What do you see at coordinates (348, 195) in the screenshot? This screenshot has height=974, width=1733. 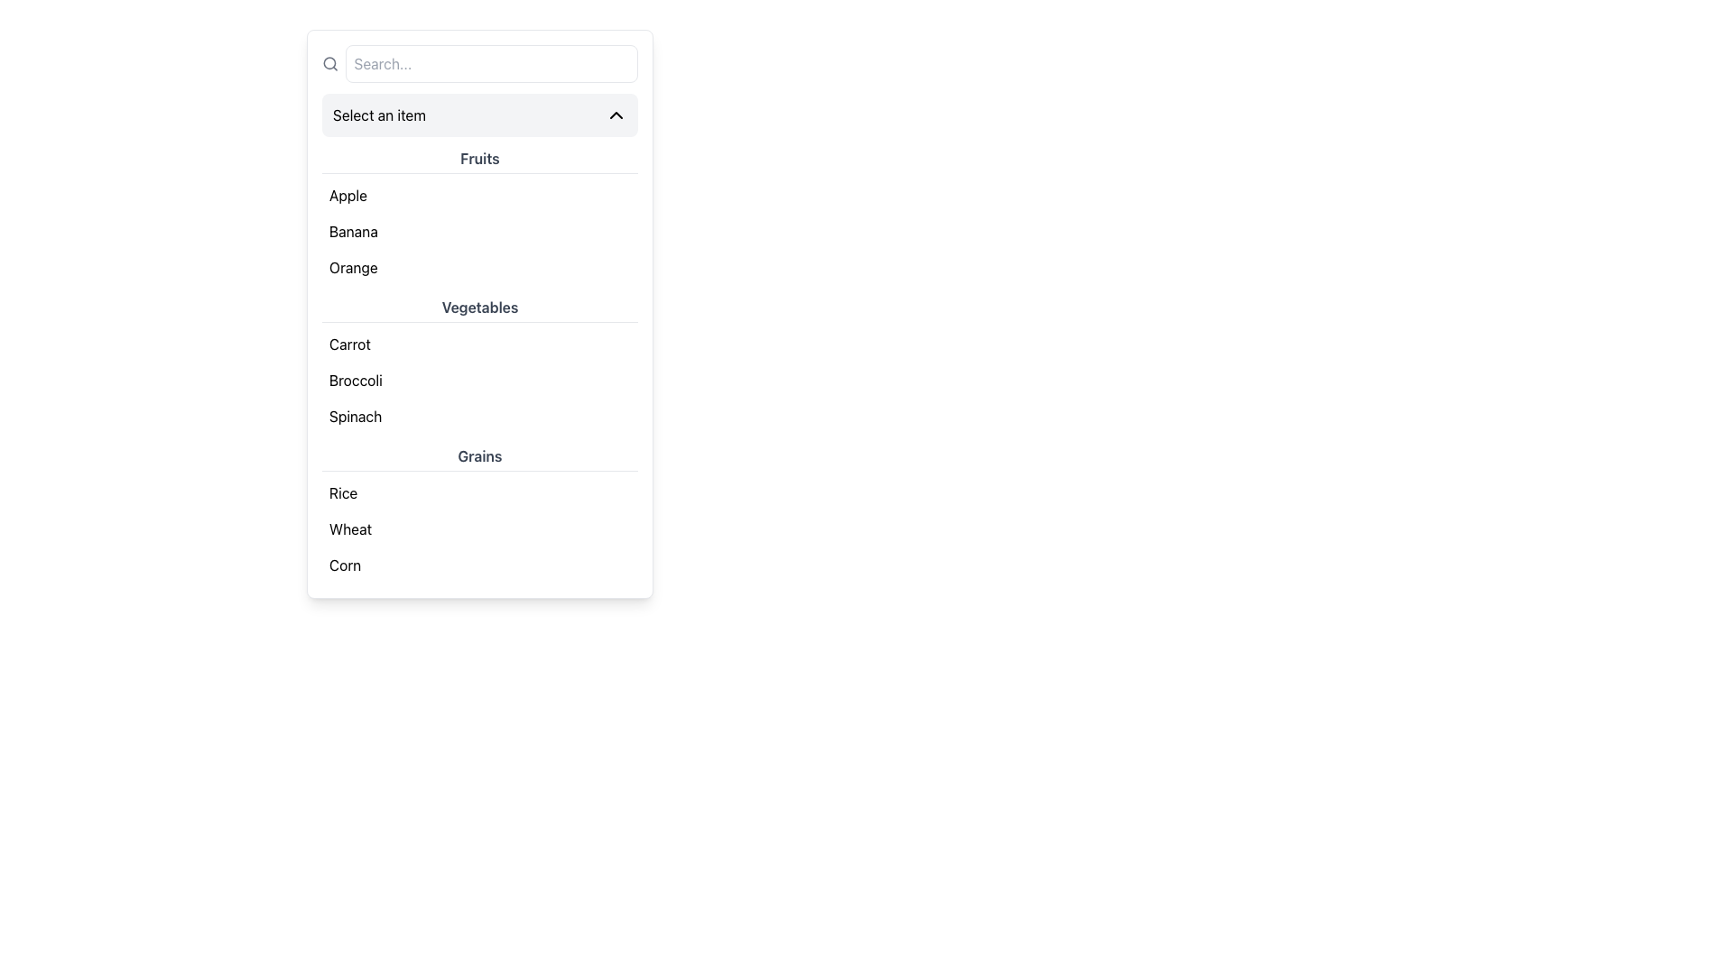 I see `the text element representing 'Apple' in the 'Fruits' dropdown menu, which is the first item in the list` at bounding box center [348, 195].